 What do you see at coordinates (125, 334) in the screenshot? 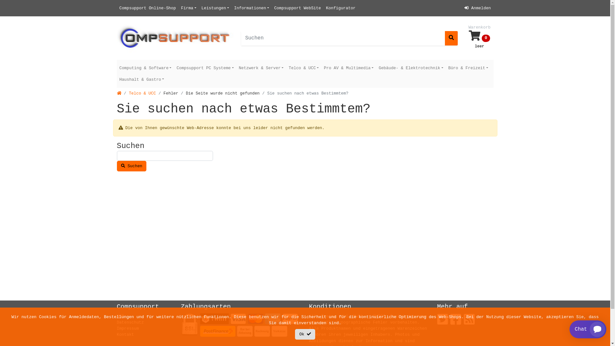
I see `'Kontakt'` at bounding box center [125, 334].